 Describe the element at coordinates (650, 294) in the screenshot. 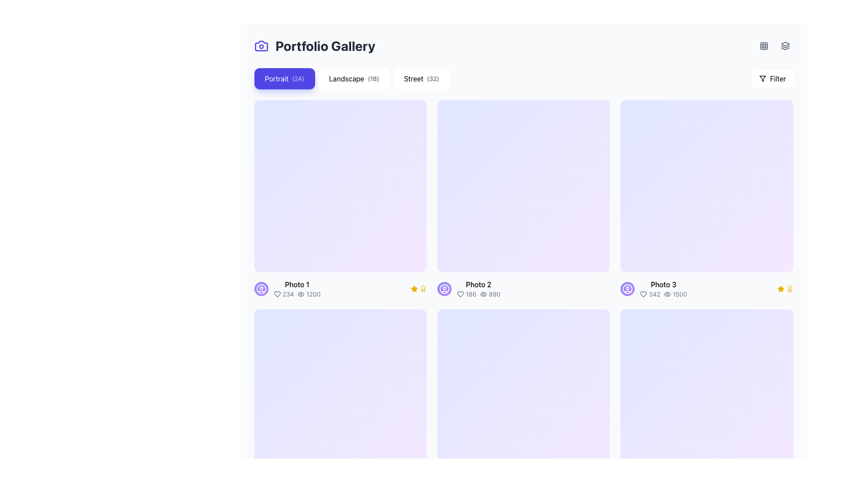

I see `the numeric value '342' displayed next to the heart icon` at that location.